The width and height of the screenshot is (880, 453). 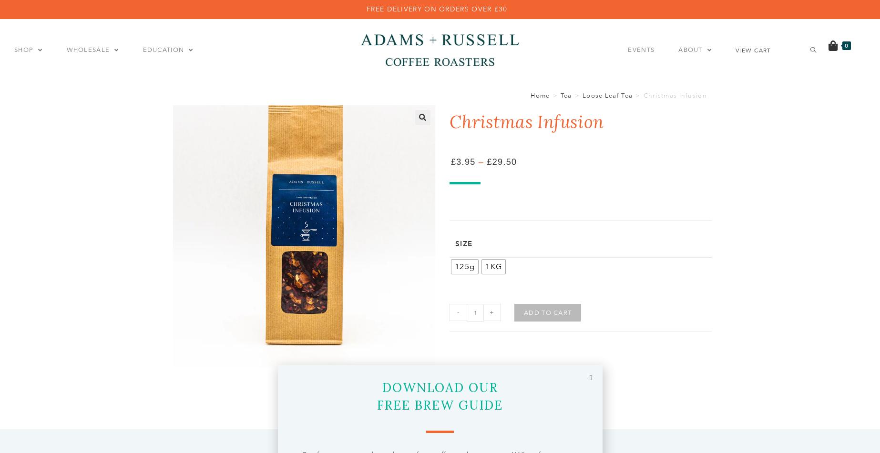 I want to click on 'ABOUT', so click(x=678, y=50).